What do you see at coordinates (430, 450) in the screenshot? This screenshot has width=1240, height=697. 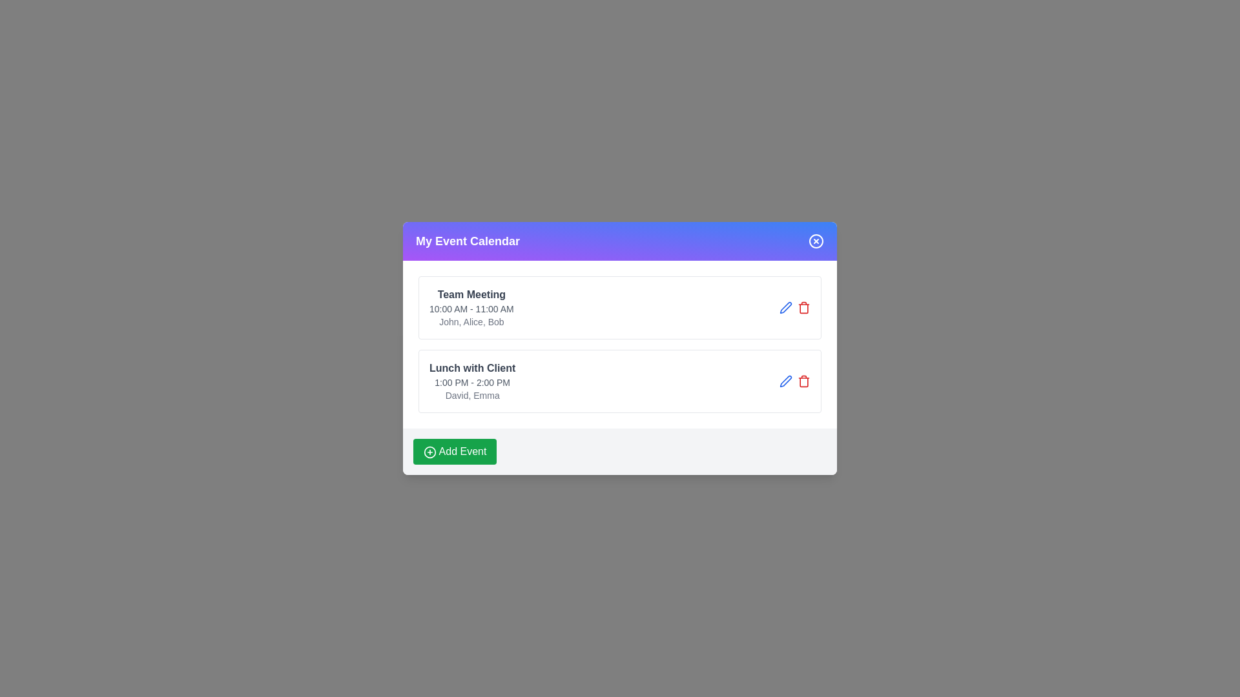 I see `the graphical icon within the green 'Add Event' button` at bounding box center [430, 450].